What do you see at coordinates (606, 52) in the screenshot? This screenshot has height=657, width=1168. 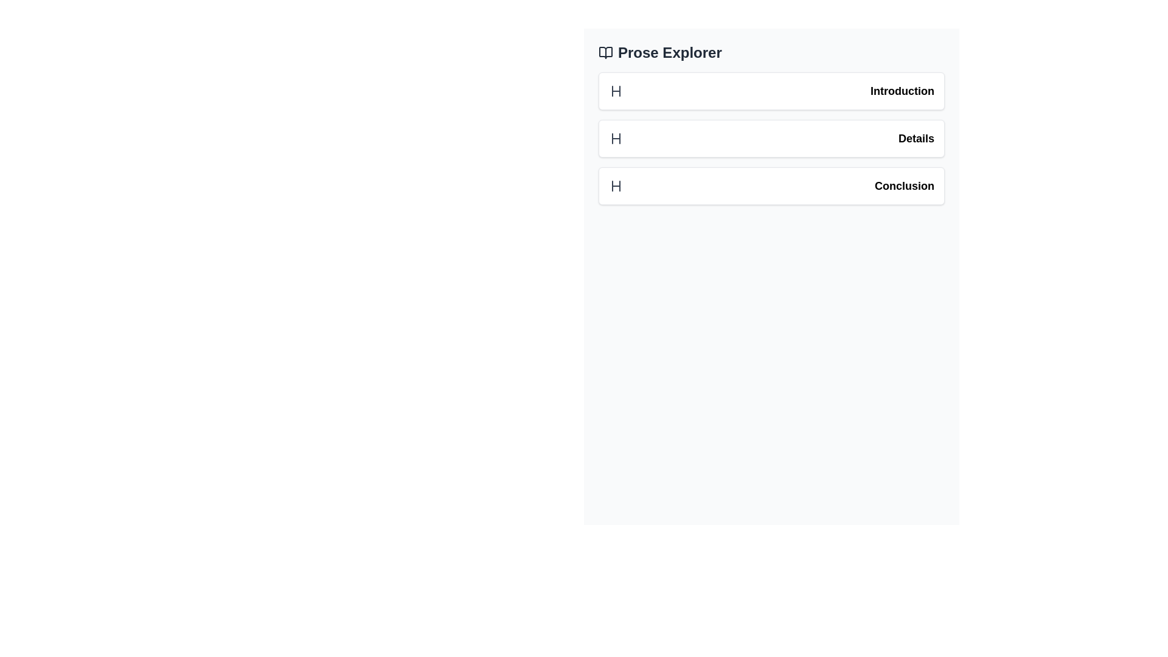 I see `the decorative icon representing 'Prose Explorer', located at the top left corner of the application view` at bounding box center [606, 52].